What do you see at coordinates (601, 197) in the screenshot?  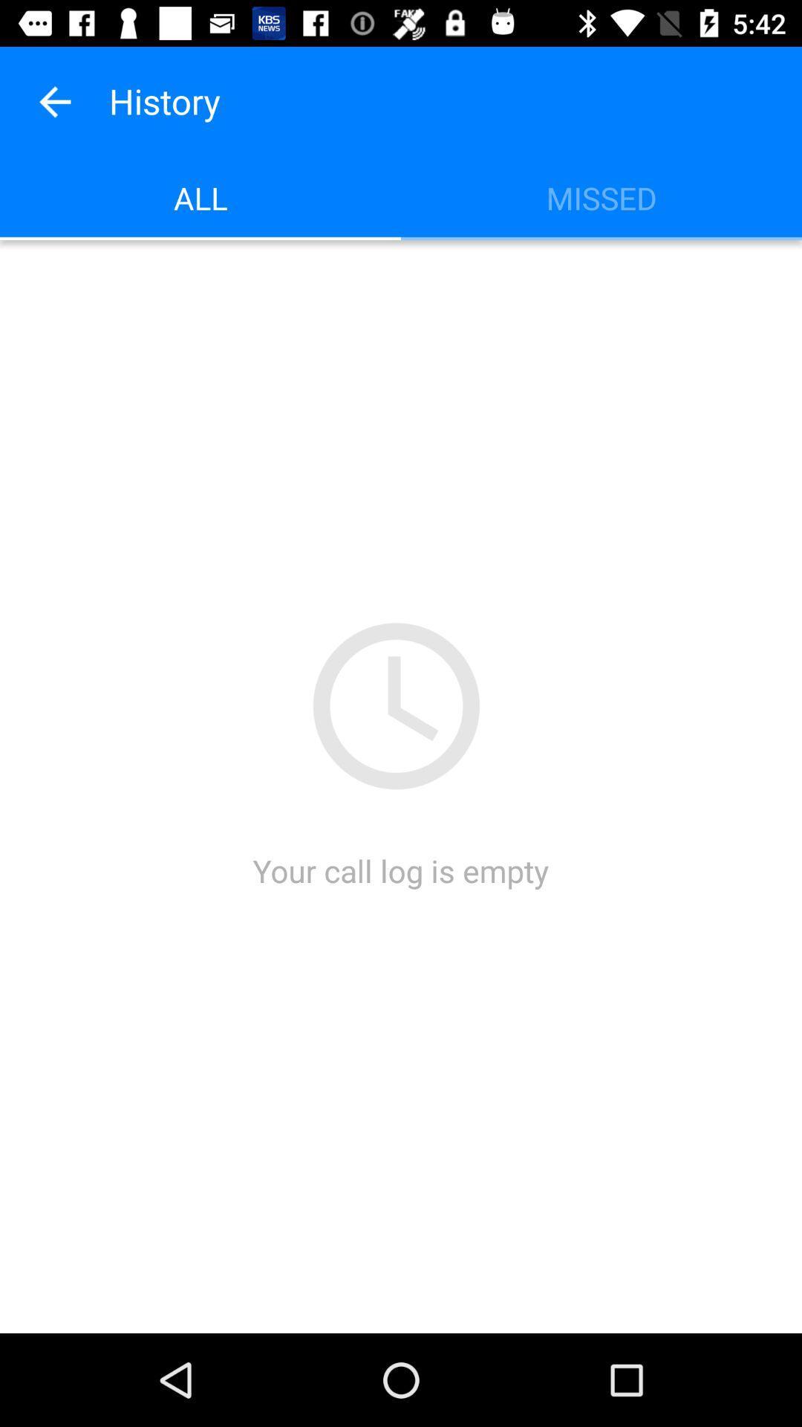 I see `the missed icon` at bounding box center [601, 197].